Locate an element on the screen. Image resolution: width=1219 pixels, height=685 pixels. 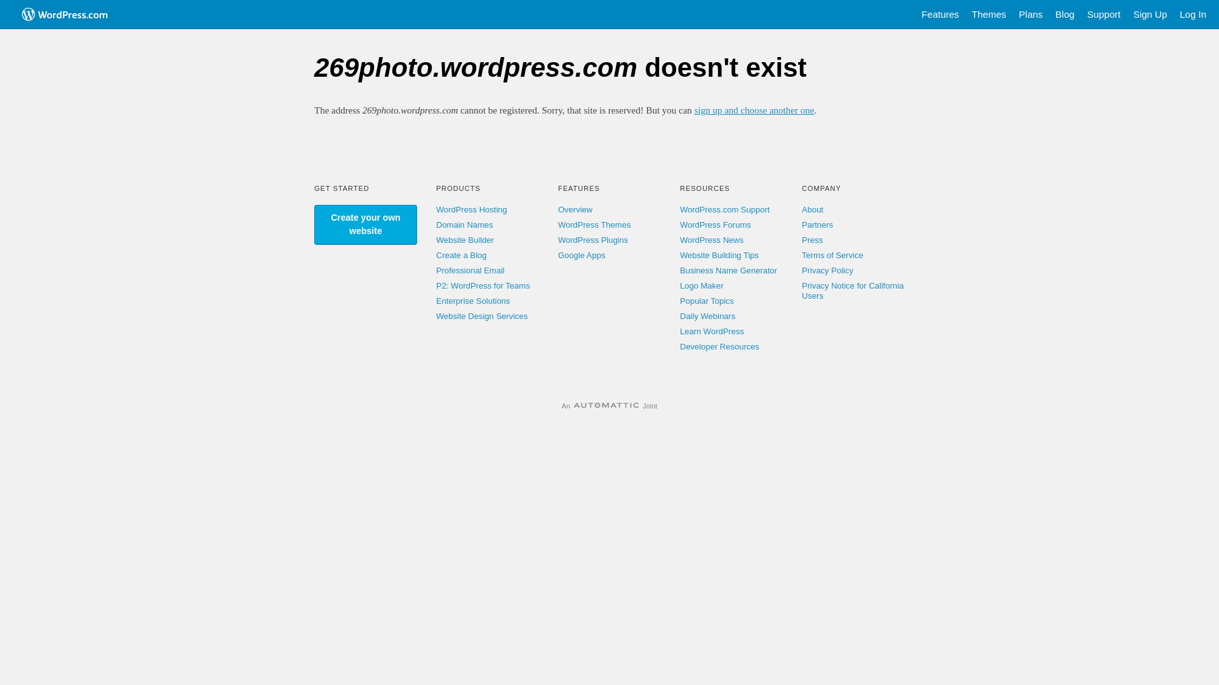
'Professional Email' is located at coordinates (469, 270).